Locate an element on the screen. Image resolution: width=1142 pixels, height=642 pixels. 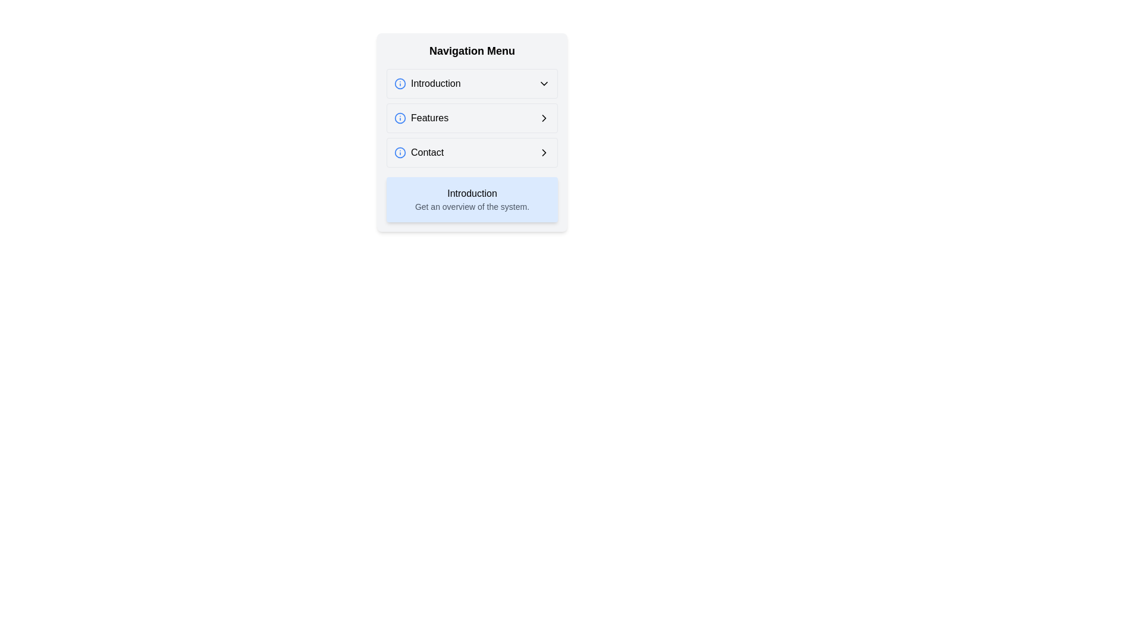
the details of the circular icon with a blue outline and white inner area, located in the upper left corner of the first entry of the vertical navigation menu is located at coordinates (400, 83).